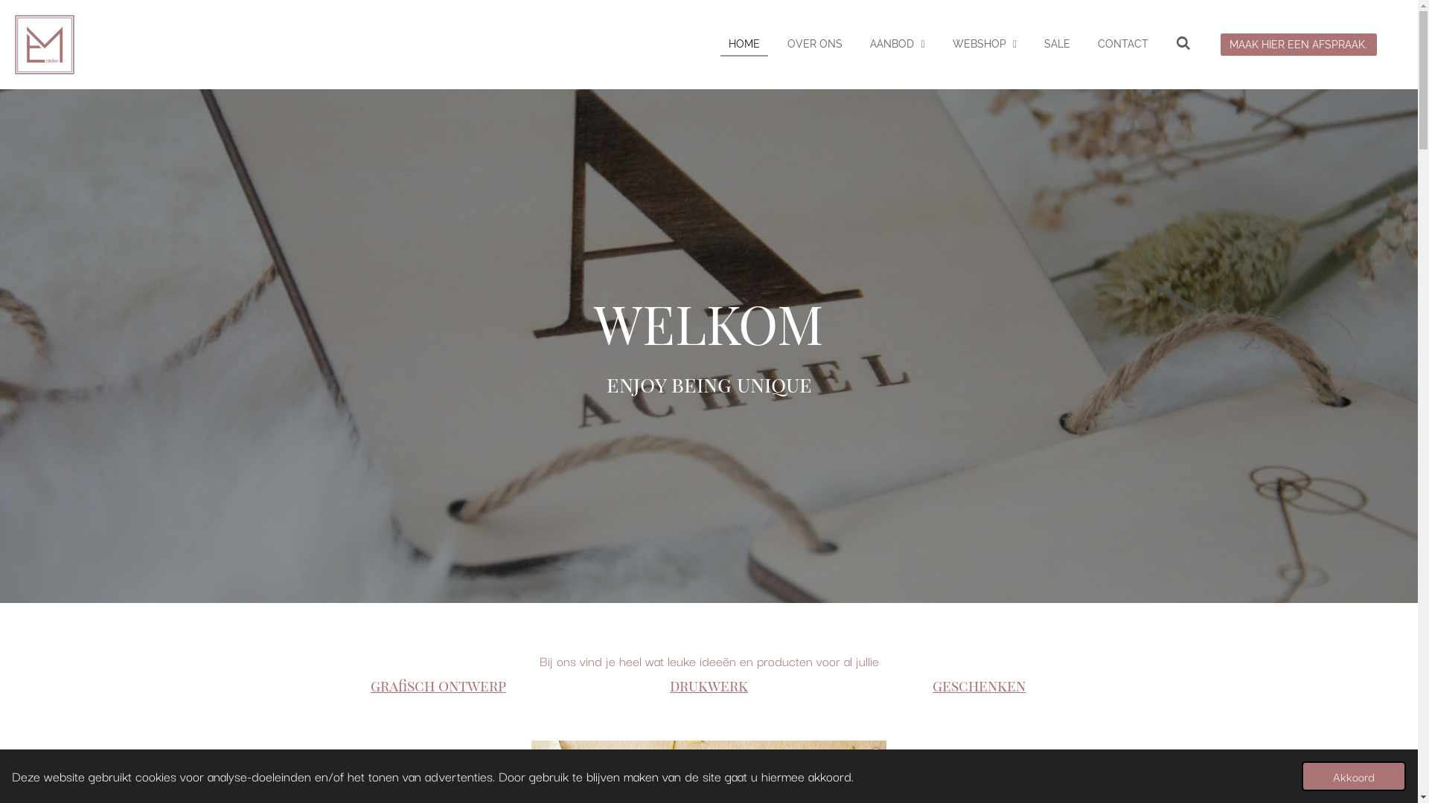 The height and width of the screenshot is (803, 1429). I want to click on 'AANBOD', so click(896, 43).